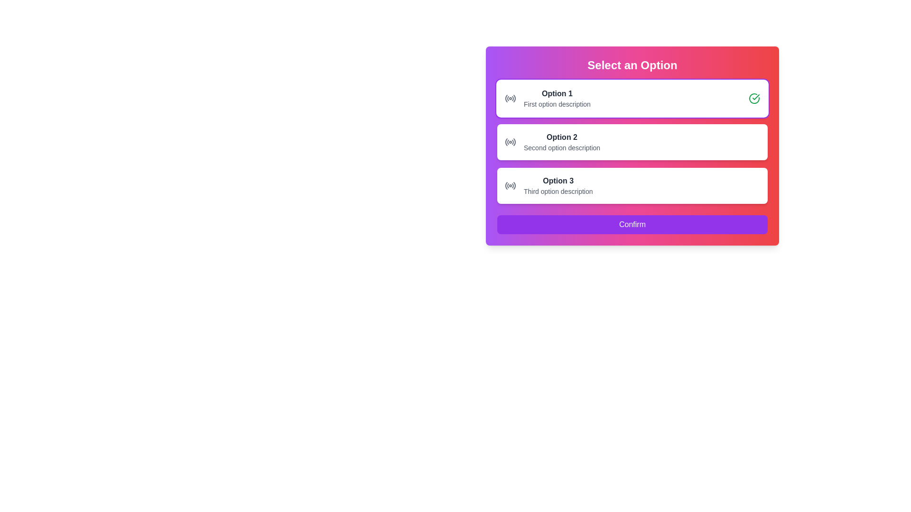 The height and width of the screenshot is (512, 911). Describe the element at coordinates (558, 186) in the screenshot. I see `the Text Display that provides the title and description for the third selectable option in the group` at that location.